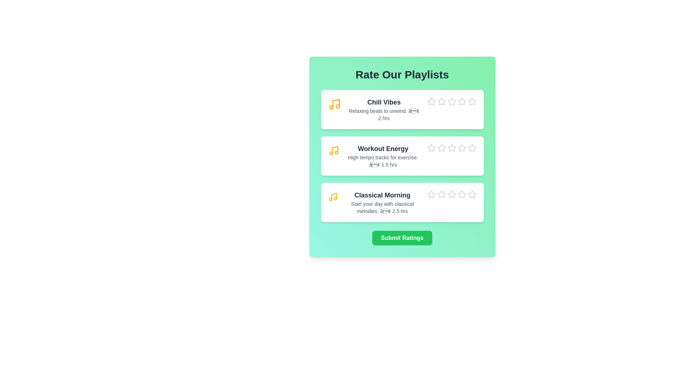 This screenshot has height=392, width=698. Describe the element at coordinates (457, 190) in the screenshot. I see `the star icon corresponding to 4 stars for the playlist Classical Morning` at that location.